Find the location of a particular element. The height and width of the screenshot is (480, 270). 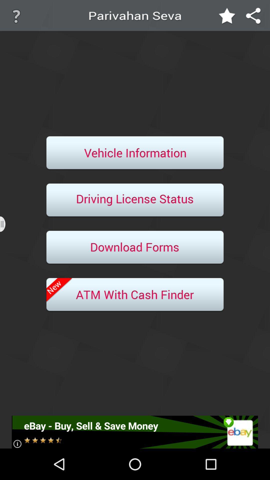

advertisement option is located at coordinates (134, 432).